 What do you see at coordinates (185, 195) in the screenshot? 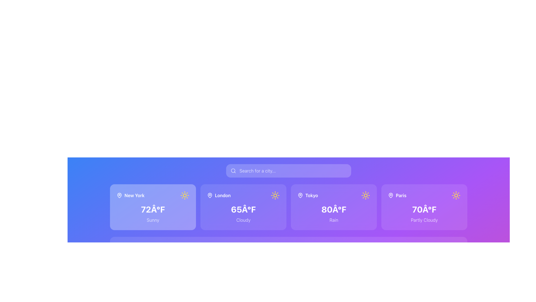
I see `the SVG circle element representing sunny weather located inside the weather card for 'New York', centered within the sun-shaped icon on the right side of the card` at bounding box center [185, 195].